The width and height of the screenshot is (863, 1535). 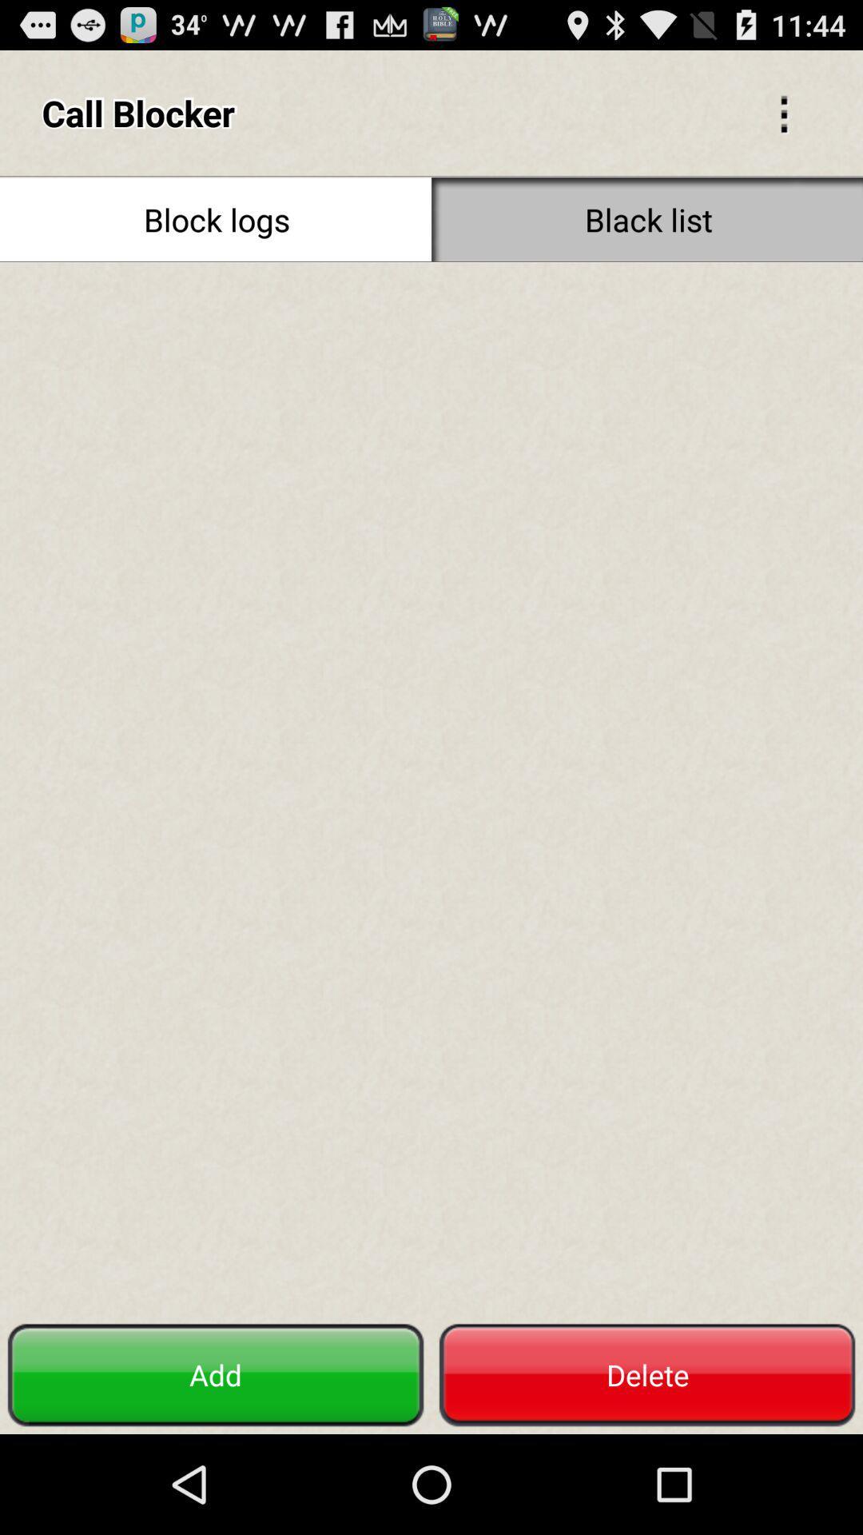 I want to click on add, so click(x=216, y=1374).